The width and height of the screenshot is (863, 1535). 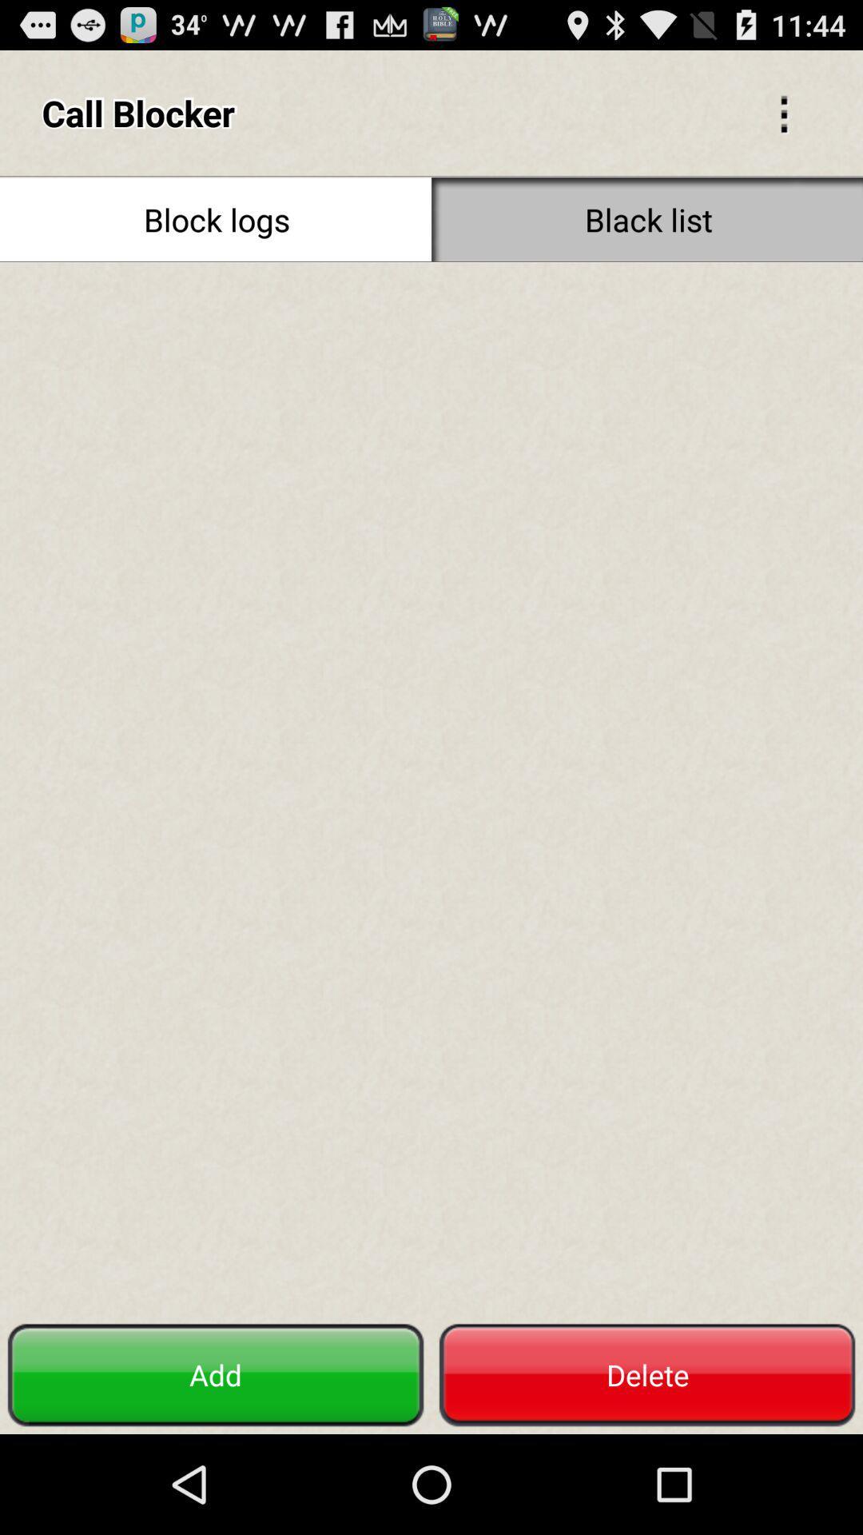 I want to click on add, so click(x=216, y=1374).